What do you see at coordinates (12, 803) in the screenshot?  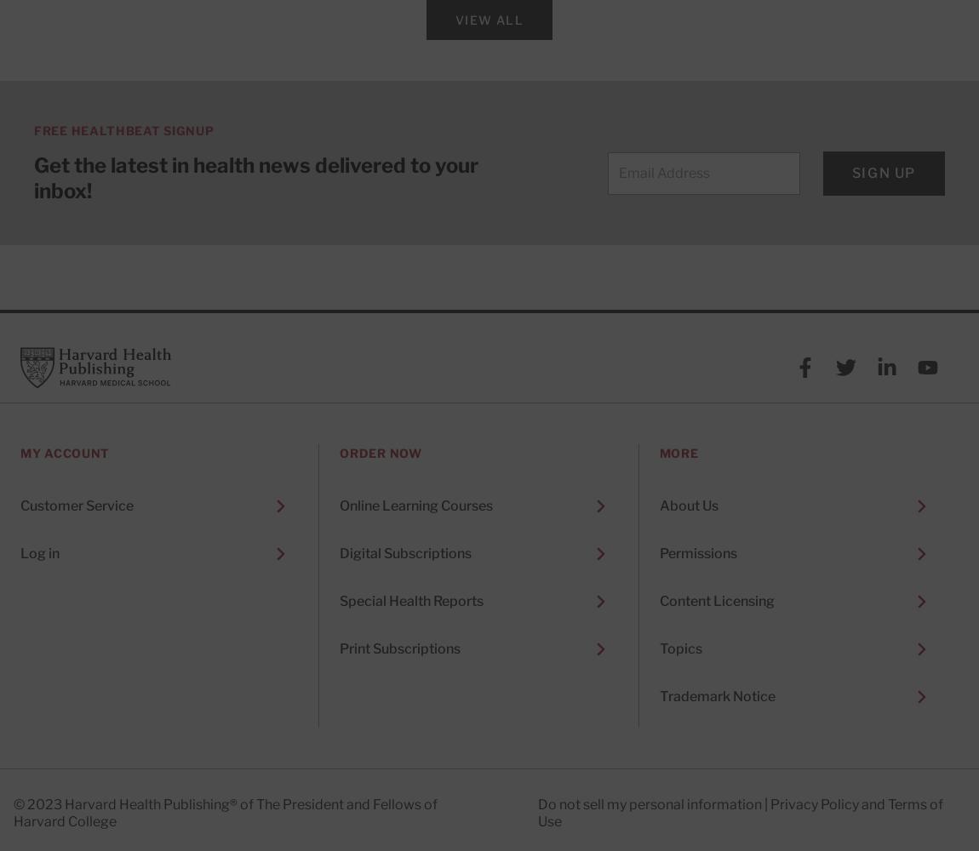 I see `'© 2023'` at bounding box center [12, 803].